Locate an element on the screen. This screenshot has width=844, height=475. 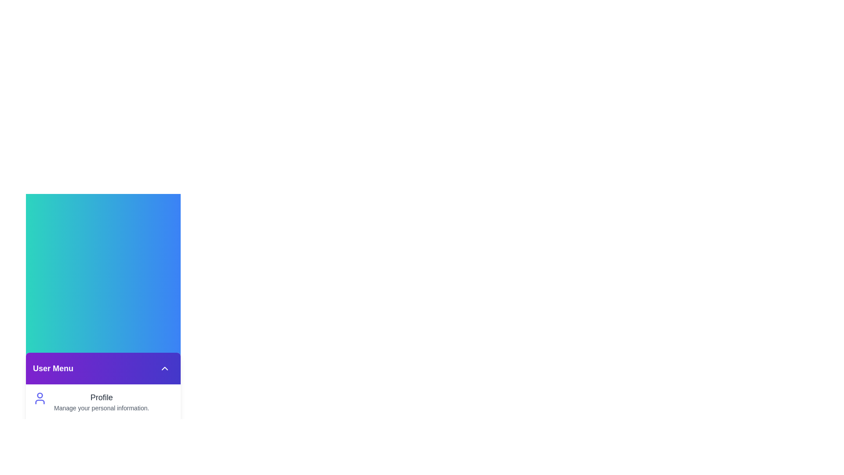
toggle button in the top-right corner of the menu header to toggle the menu visibility is located at coordinates (164, 368).